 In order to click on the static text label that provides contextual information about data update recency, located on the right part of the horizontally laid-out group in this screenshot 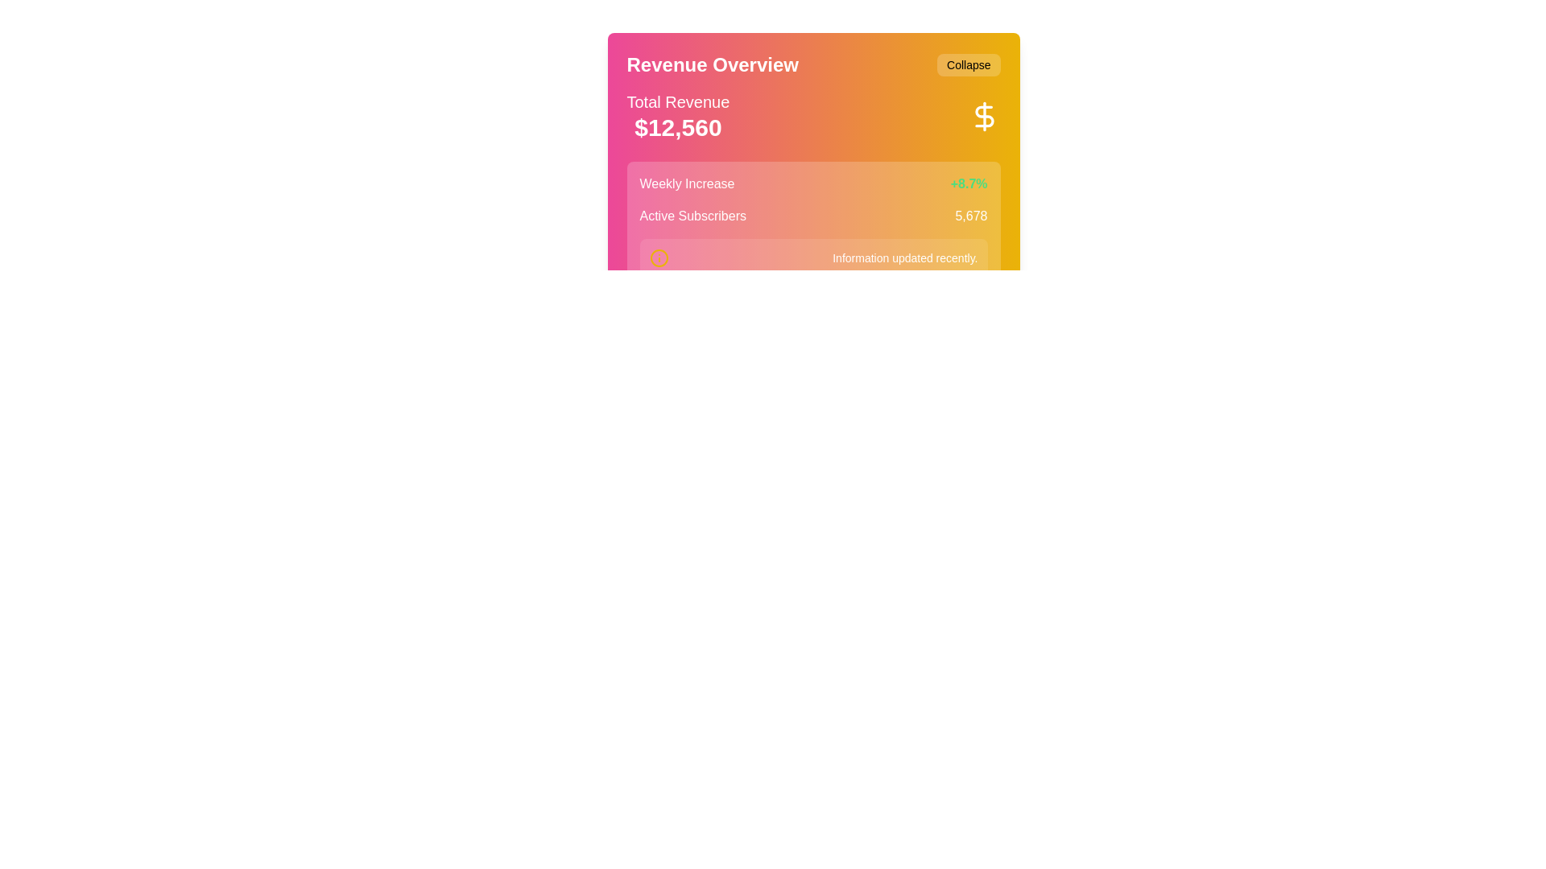, I will do `click(905, 257)`.